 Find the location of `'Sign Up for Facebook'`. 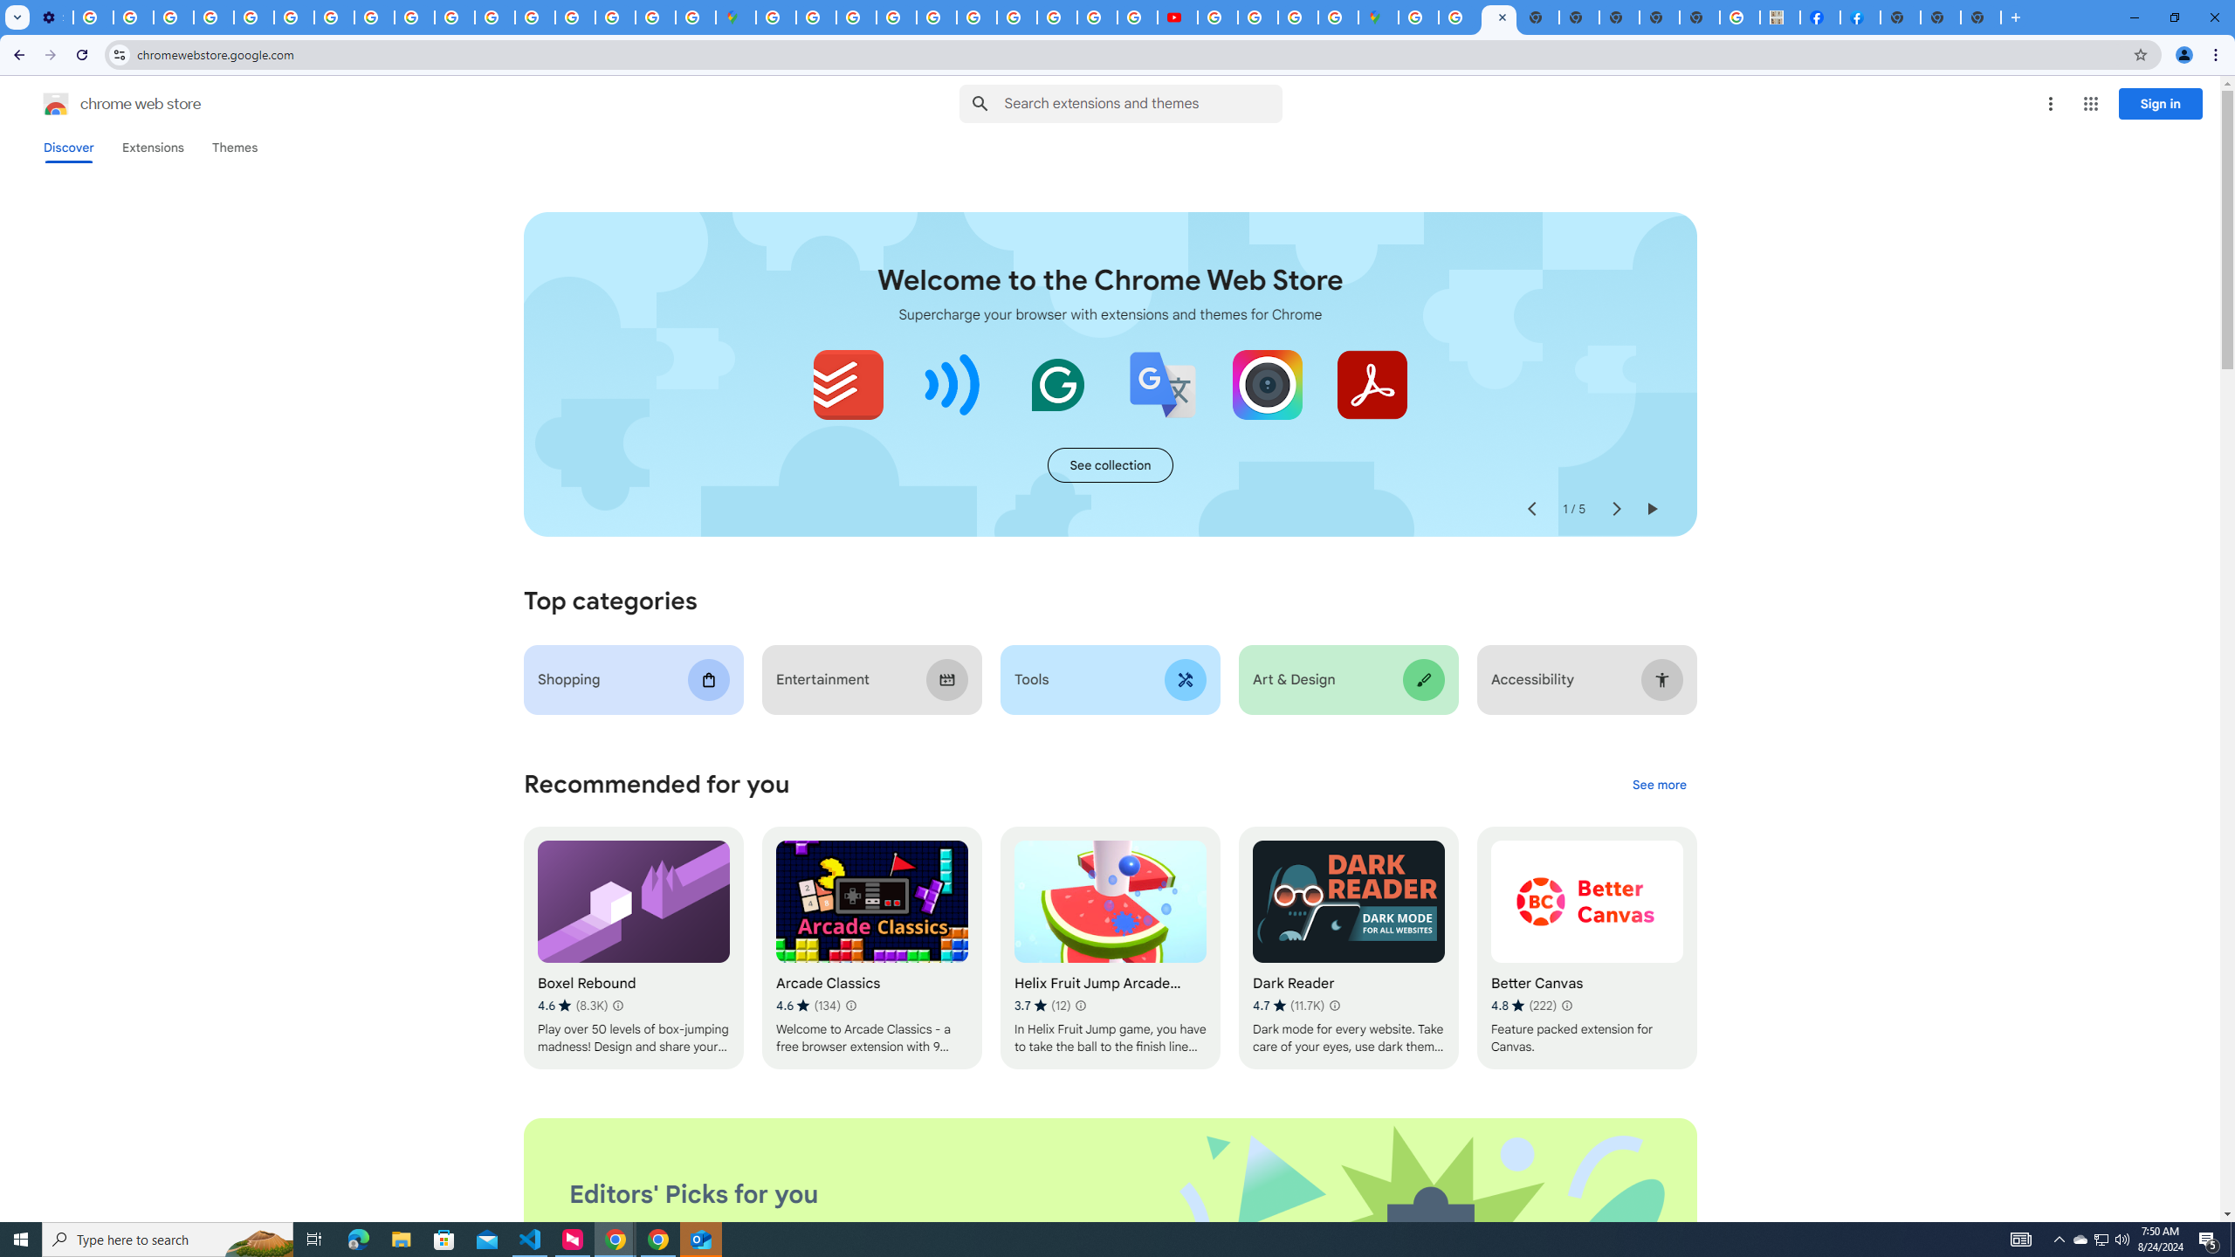

'Sign Up for Facebook' is located at coordinates (1860, 17).